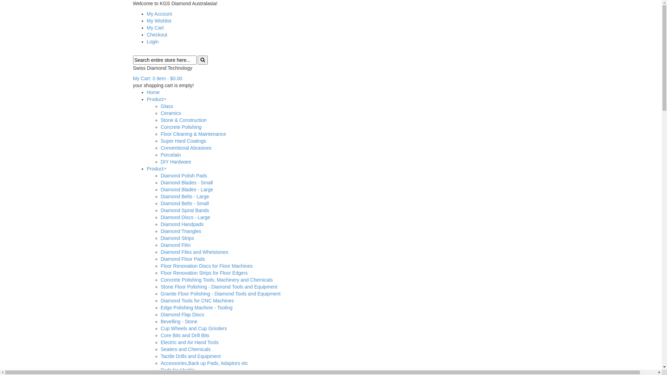  I want to click on 'Diamond Strips', so click(177, 238).